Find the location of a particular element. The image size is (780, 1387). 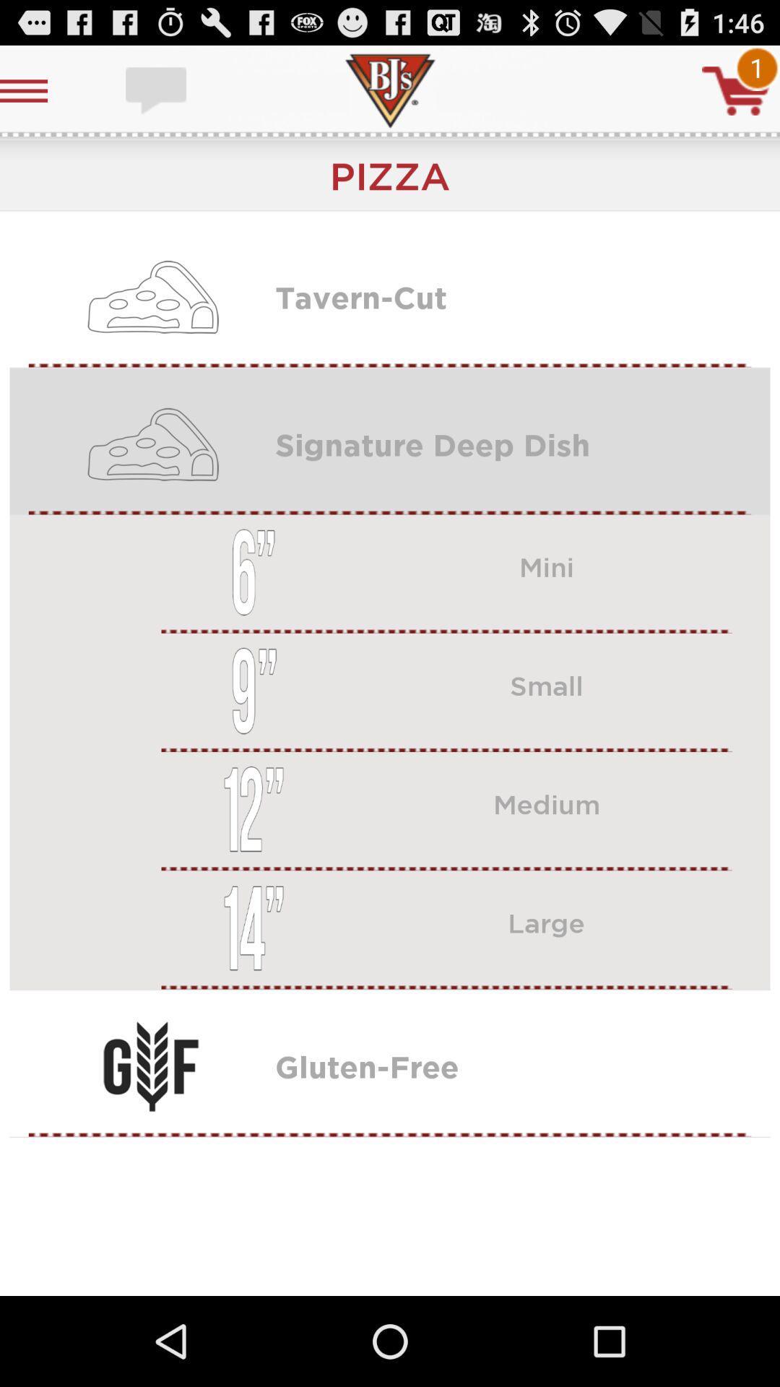

message is located at coordinates (157, 90).